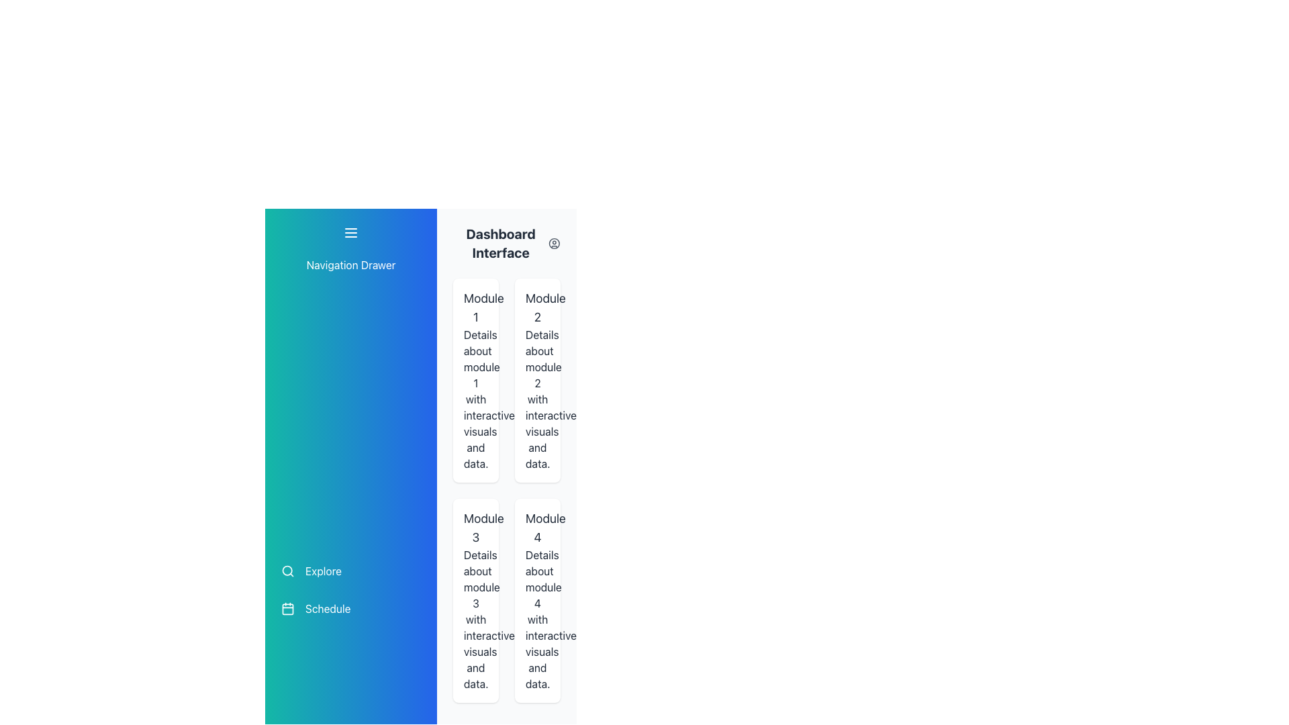 The width and height of the screenshot is (1289, 725). Describe the element at coordinates (555, 243) in the screenshot. I see `the user profile icon located on the rightmost side of the Dashboard Interface header` at that location.